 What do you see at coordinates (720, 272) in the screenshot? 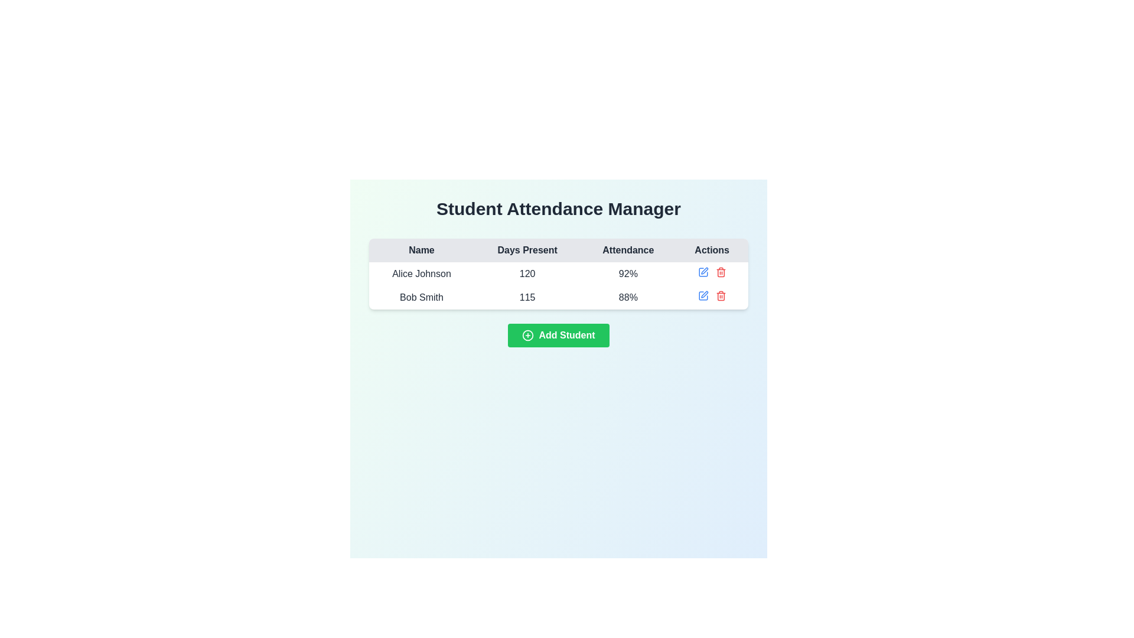
I see `the small red trash bin icon button in the 'Actions' column of the 'Student Attendance Manager' table` at bounding box center [720, 272].